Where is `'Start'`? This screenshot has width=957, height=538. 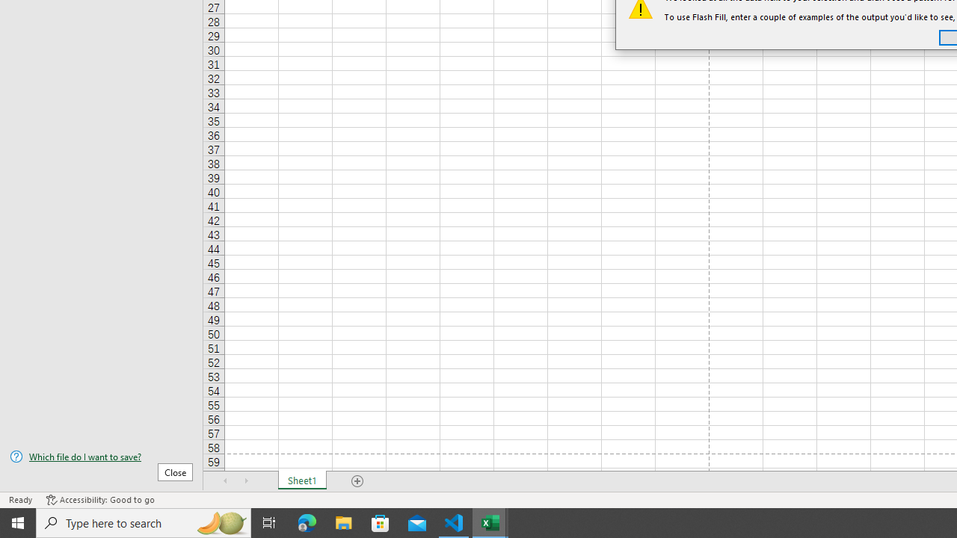 'Start' is located at coordinates (18, 522).